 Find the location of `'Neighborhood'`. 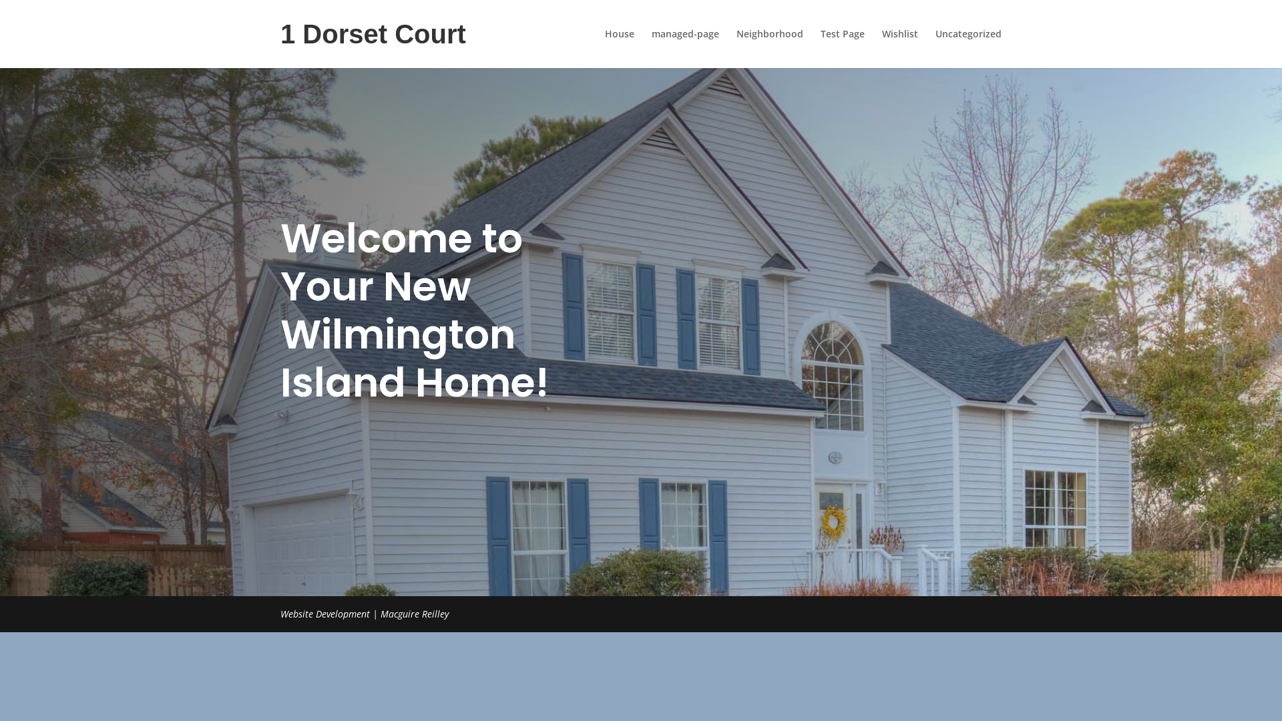

'Neighborhood' is located at coordinates (769, 48).